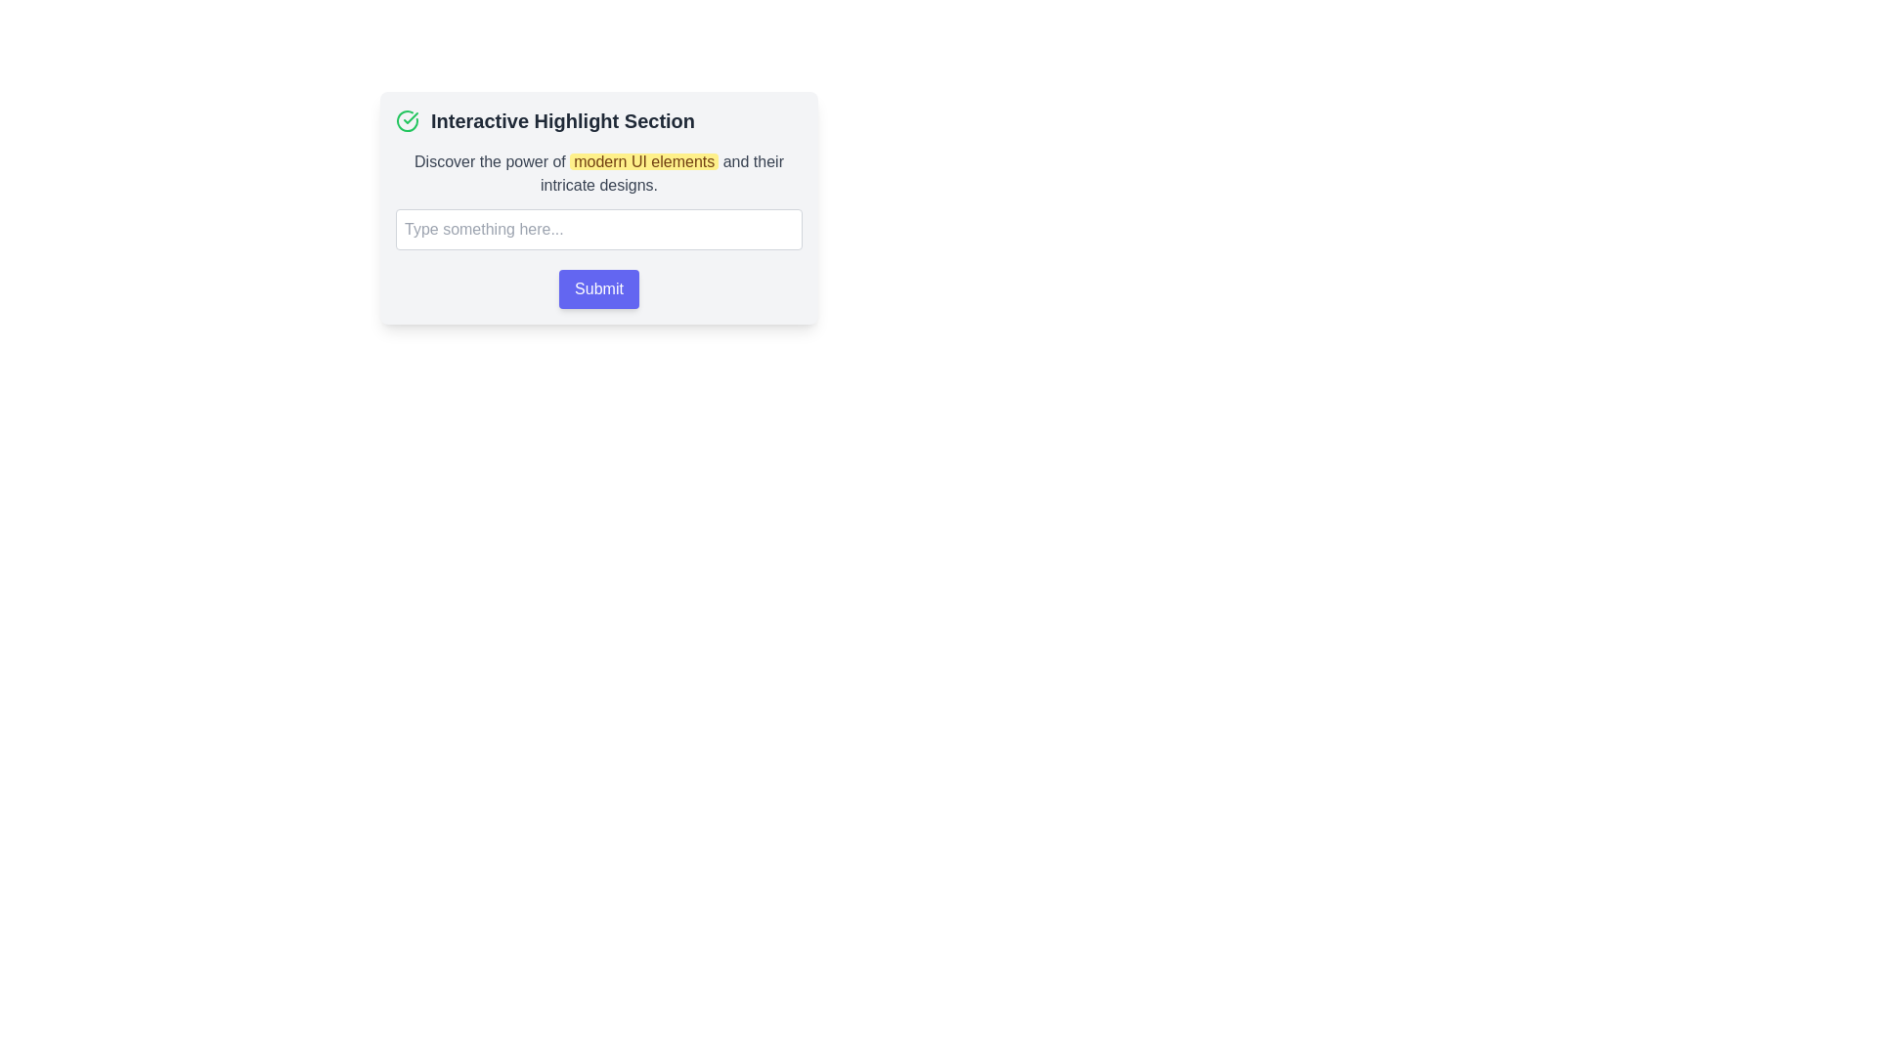 The width and height of the screenshot is (1877, 1056). What do you see at coordinates (407, 120) in the screenshot?
I see `the success status icon located at the top-left corner of the 'Interactive Highlight Section' card for accessibility purposes` at bounding box center [407, 120].